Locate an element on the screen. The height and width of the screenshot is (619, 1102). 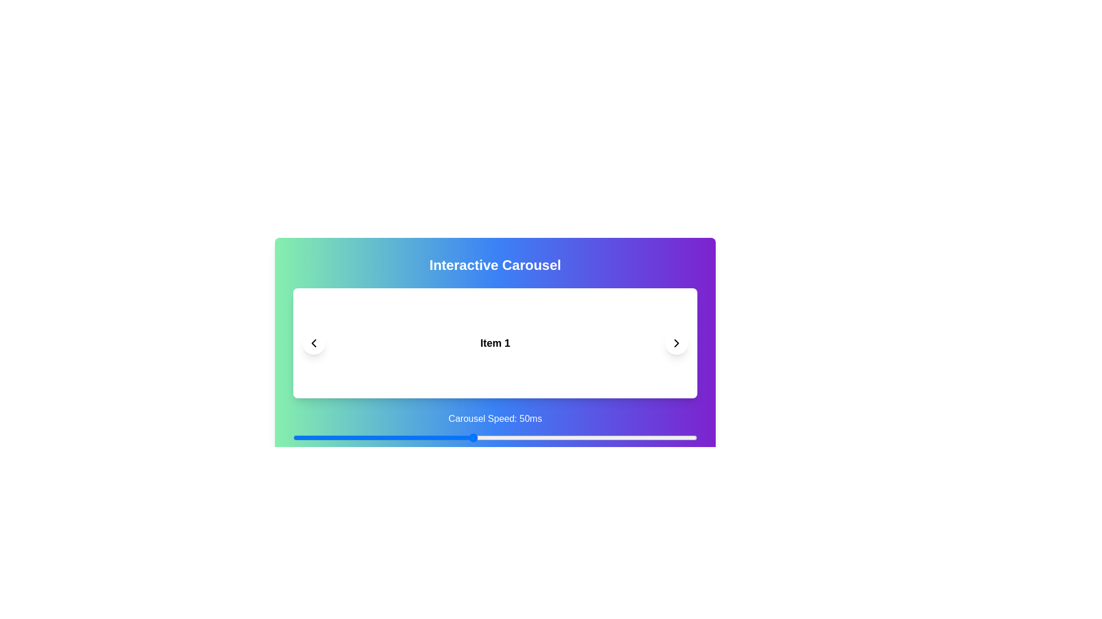
the carousel speed slider to 37 ms is located at coordinates (414, 437).